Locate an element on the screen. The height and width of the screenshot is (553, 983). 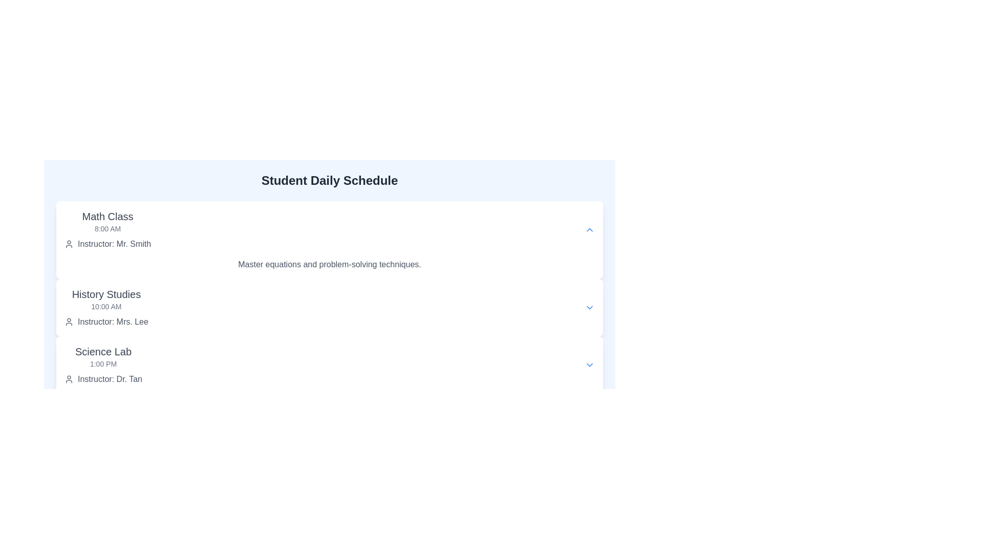
the user silhouette icon located in the 'History Studies' section, next to the text 'Instructor: Mrs. Lee' is located at coordinates (68, 321).